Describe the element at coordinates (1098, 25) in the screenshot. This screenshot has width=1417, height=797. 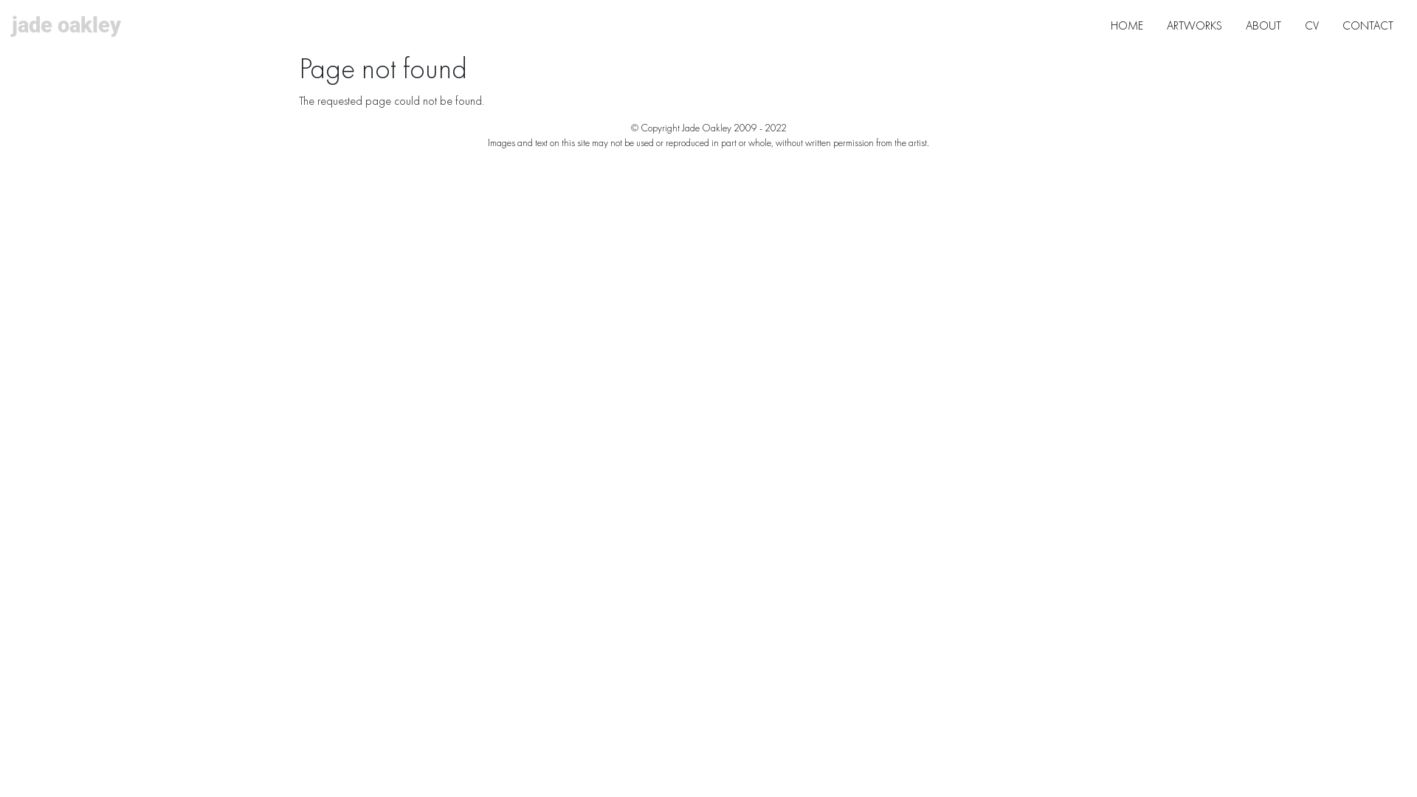
I see `'HOME'` at that location.